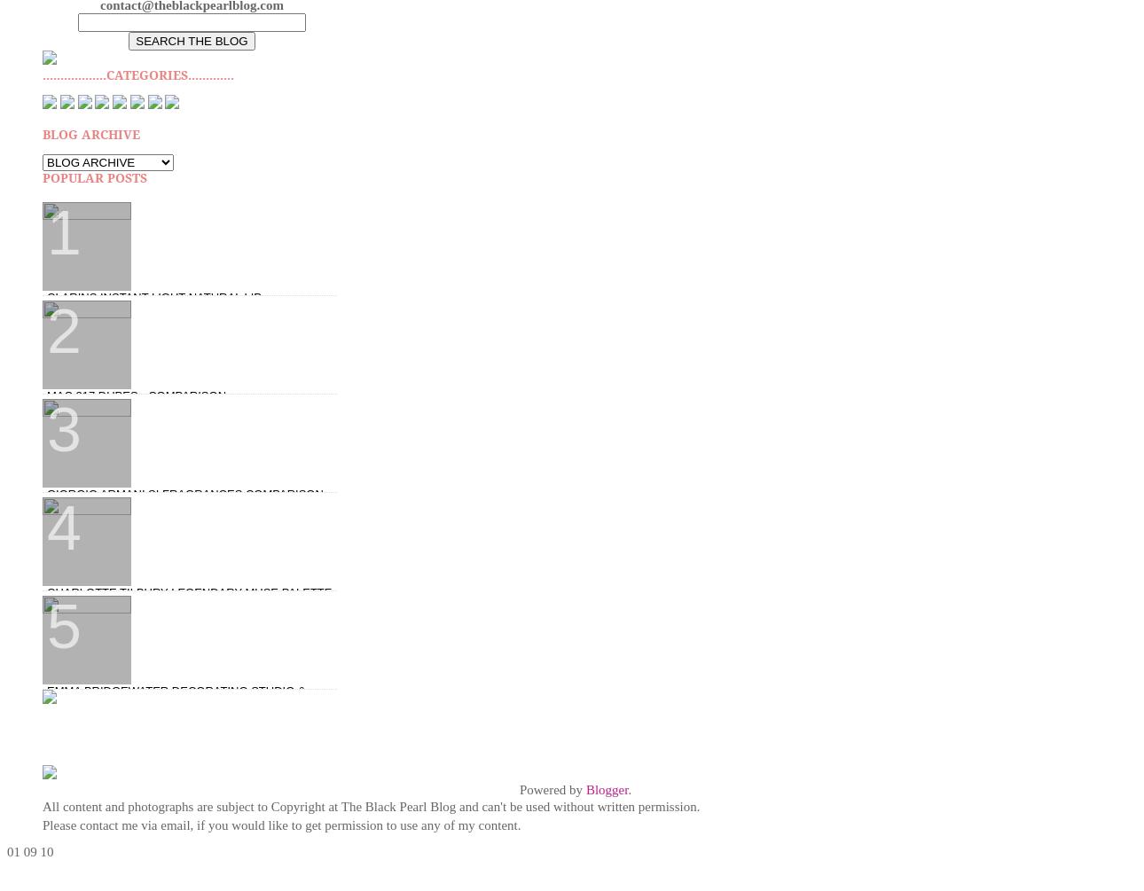 The width and height of the screenshot is (1144, 891). I want to click on '09', so click(22, 849).